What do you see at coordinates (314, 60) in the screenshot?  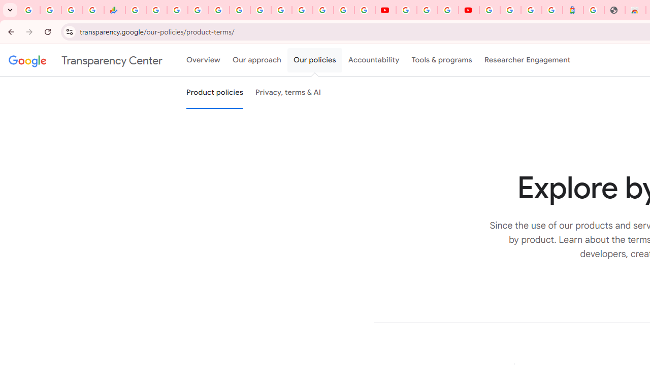 I see `'Our policies'` at bounding box center [314, 60].